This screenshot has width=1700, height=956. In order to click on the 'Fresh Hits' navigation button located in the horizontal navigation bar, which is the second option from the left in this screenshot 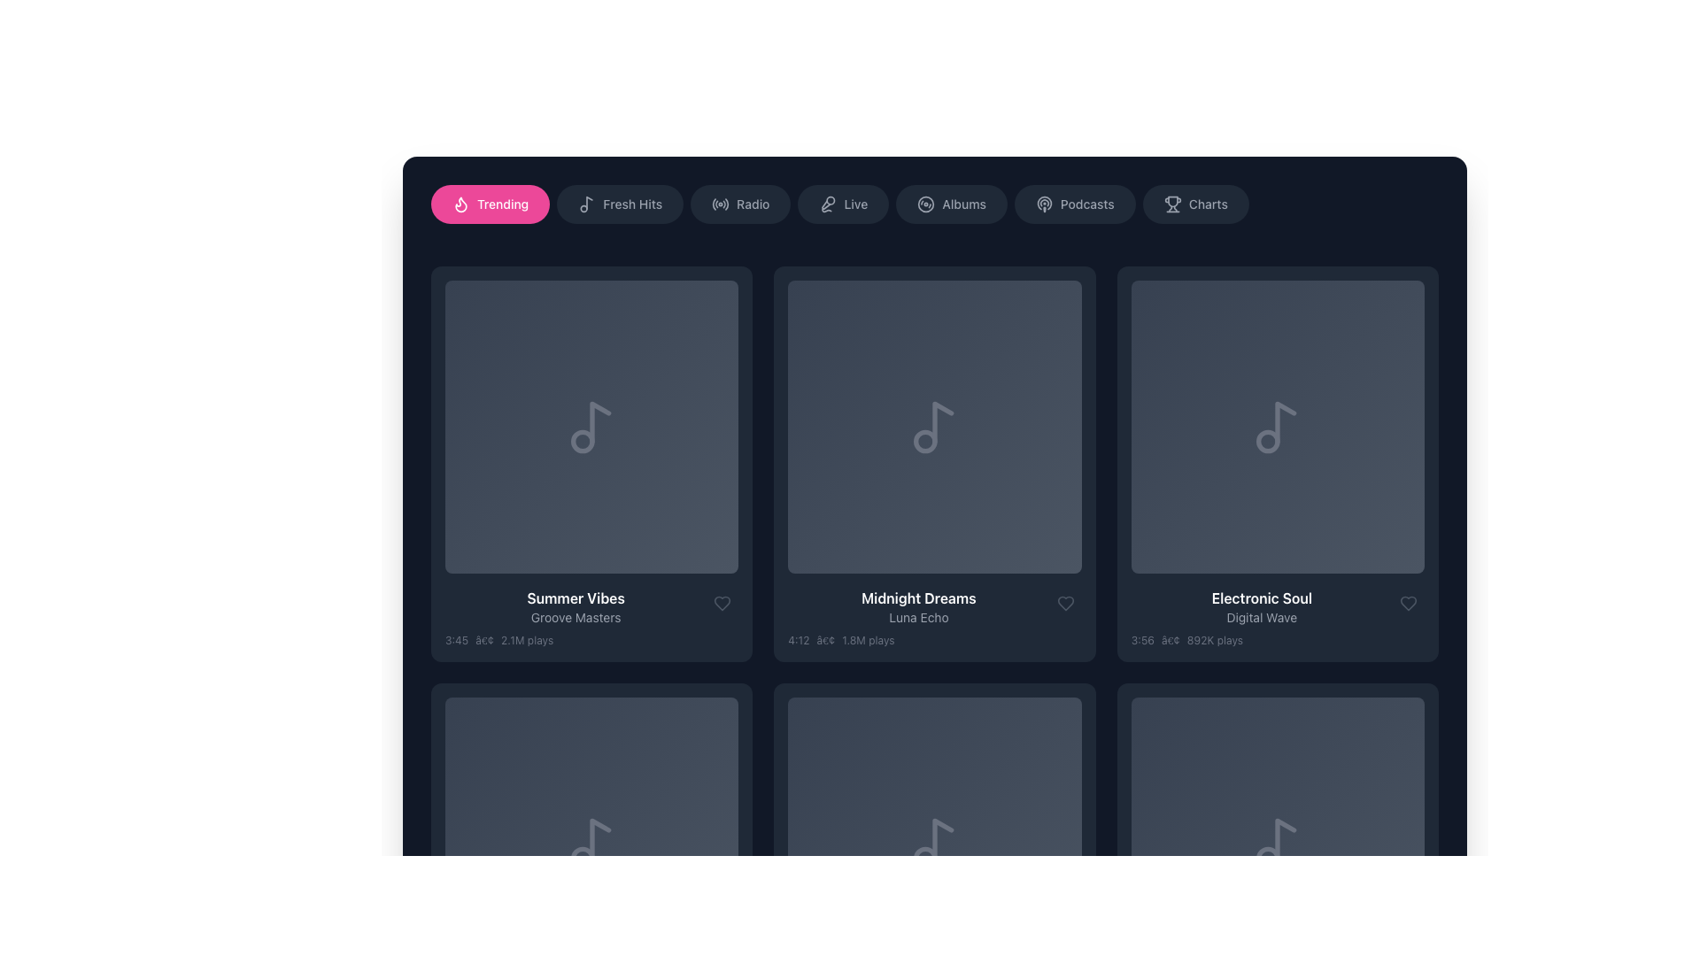, I will do `click(620, 204)`.